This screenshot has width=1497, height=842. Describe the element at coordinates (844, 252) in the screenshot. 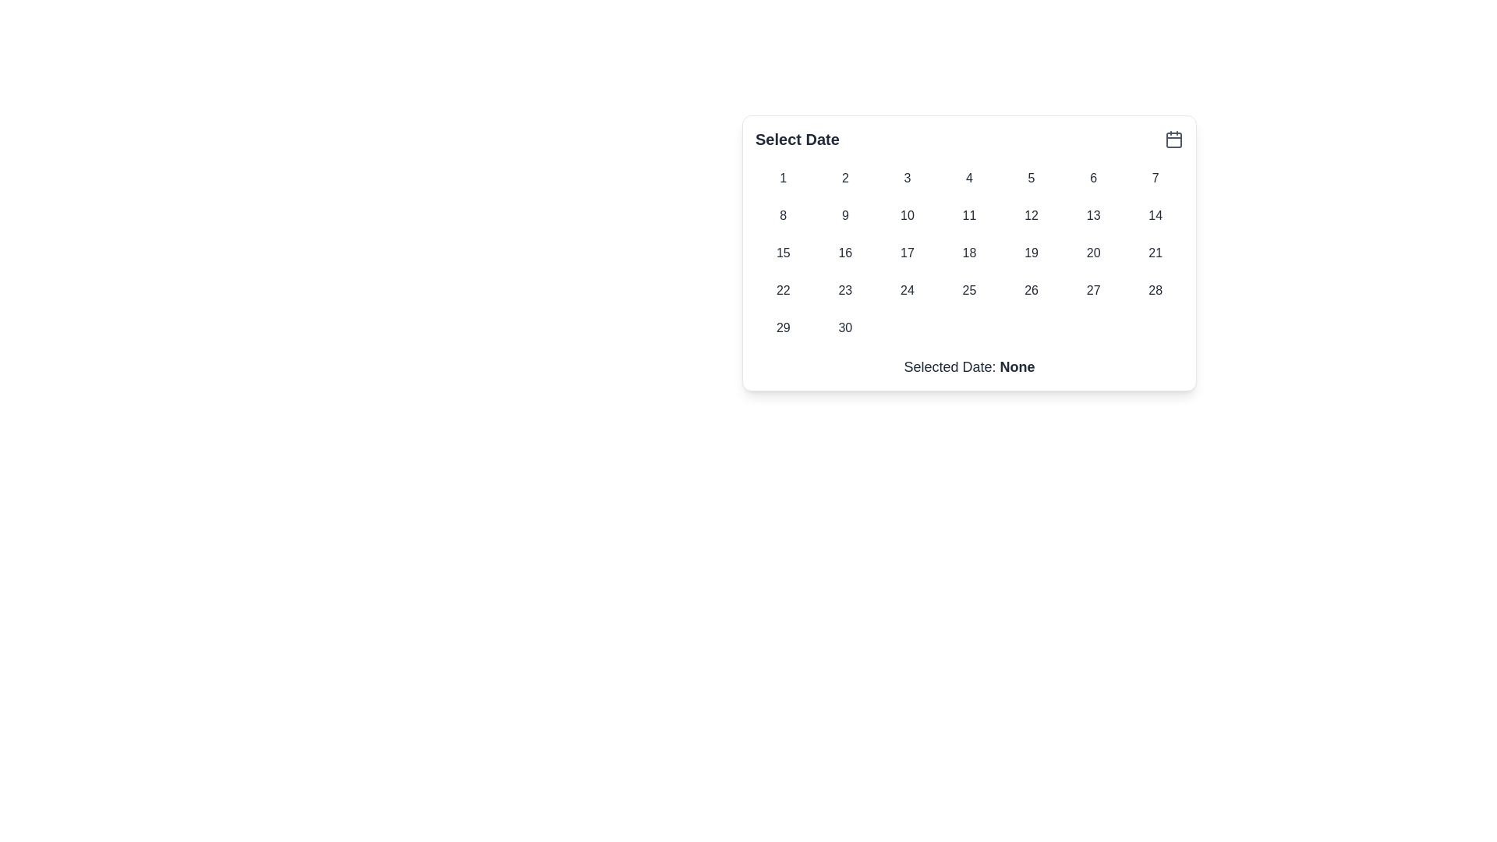

I see `the selectable button representing the date '16' in the calendar interface` at that location.